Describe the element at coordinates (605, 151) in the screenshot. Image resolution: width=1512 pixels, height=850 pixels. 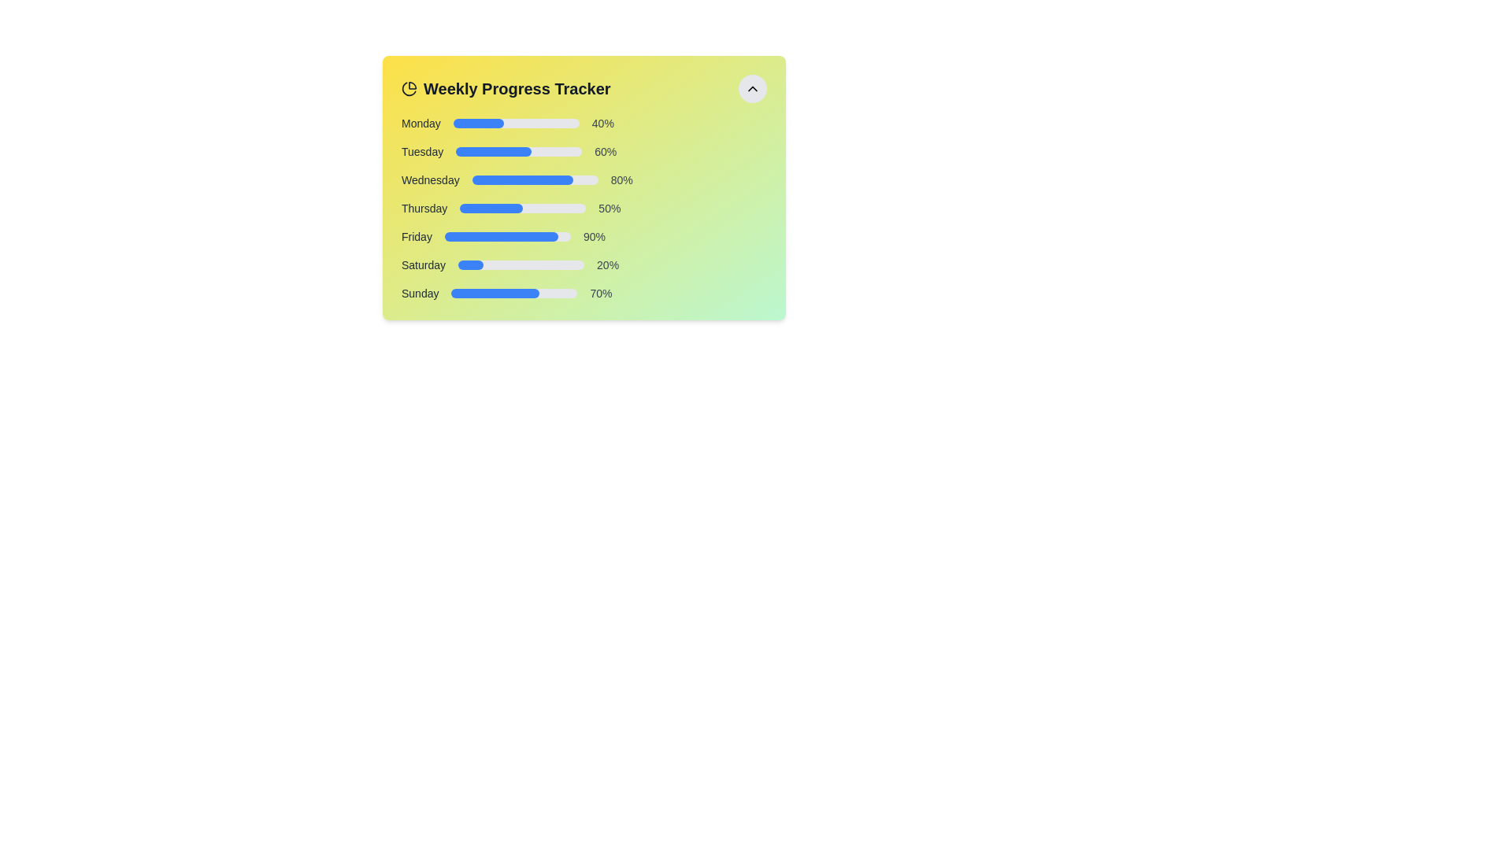
I see `the Text label displaying '60%' which is located to the right of the progress bar for 'Tuesday'` at that location.